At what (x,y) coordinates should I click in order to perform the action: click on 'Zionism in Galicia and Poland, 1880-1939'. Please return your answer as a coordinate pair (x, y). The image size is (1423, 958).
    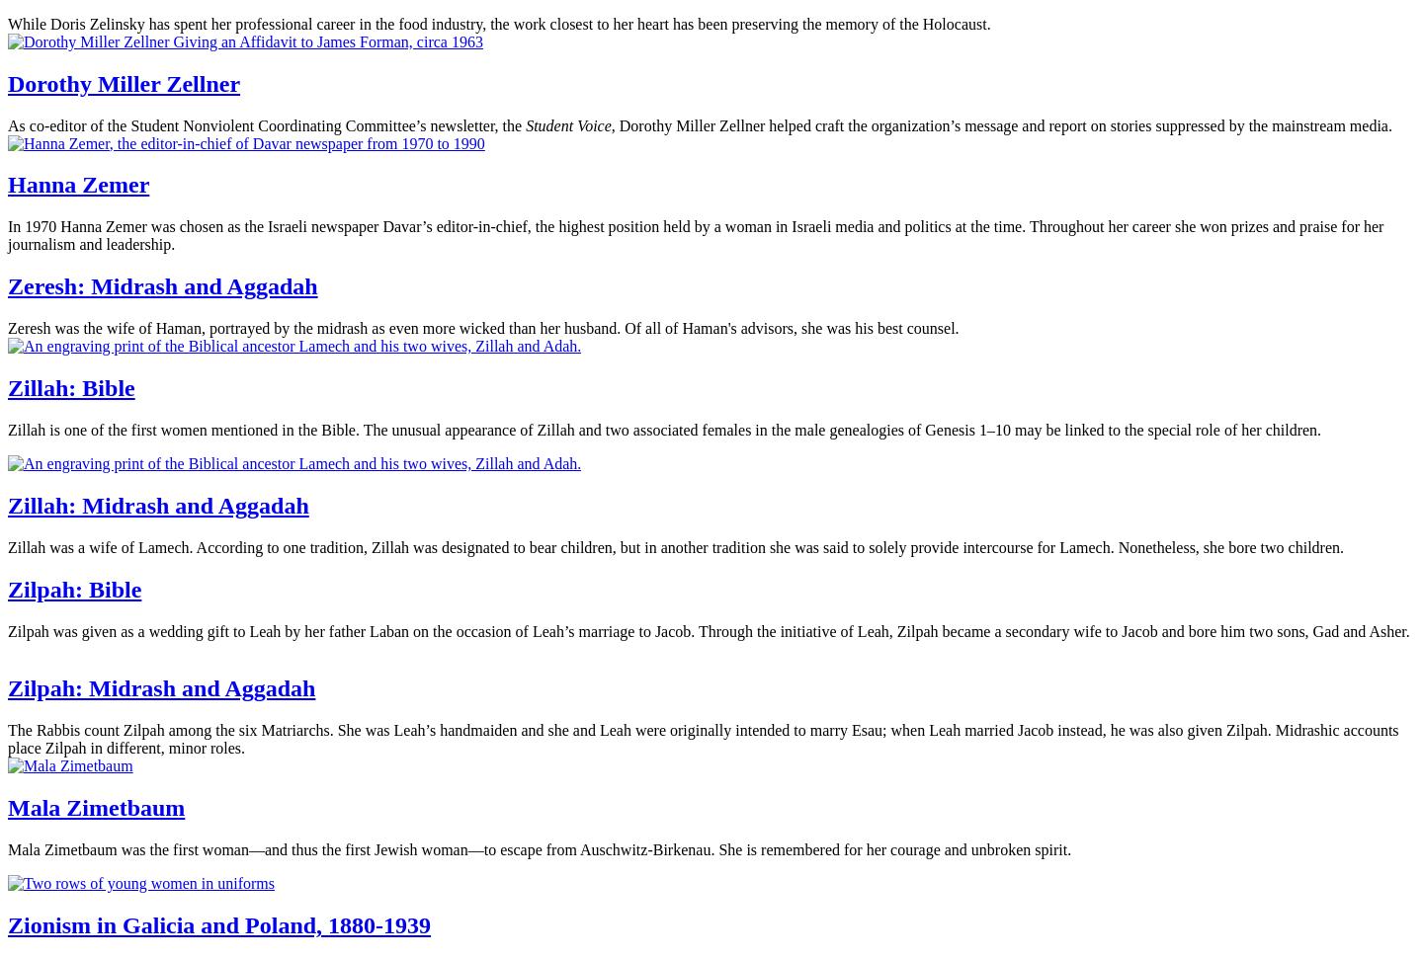
    Looking at the image, I should click on (219, 924).